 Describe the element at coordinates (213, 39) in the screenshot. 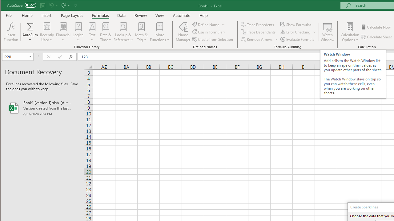

I see `'Create from Selection...'` at that location.